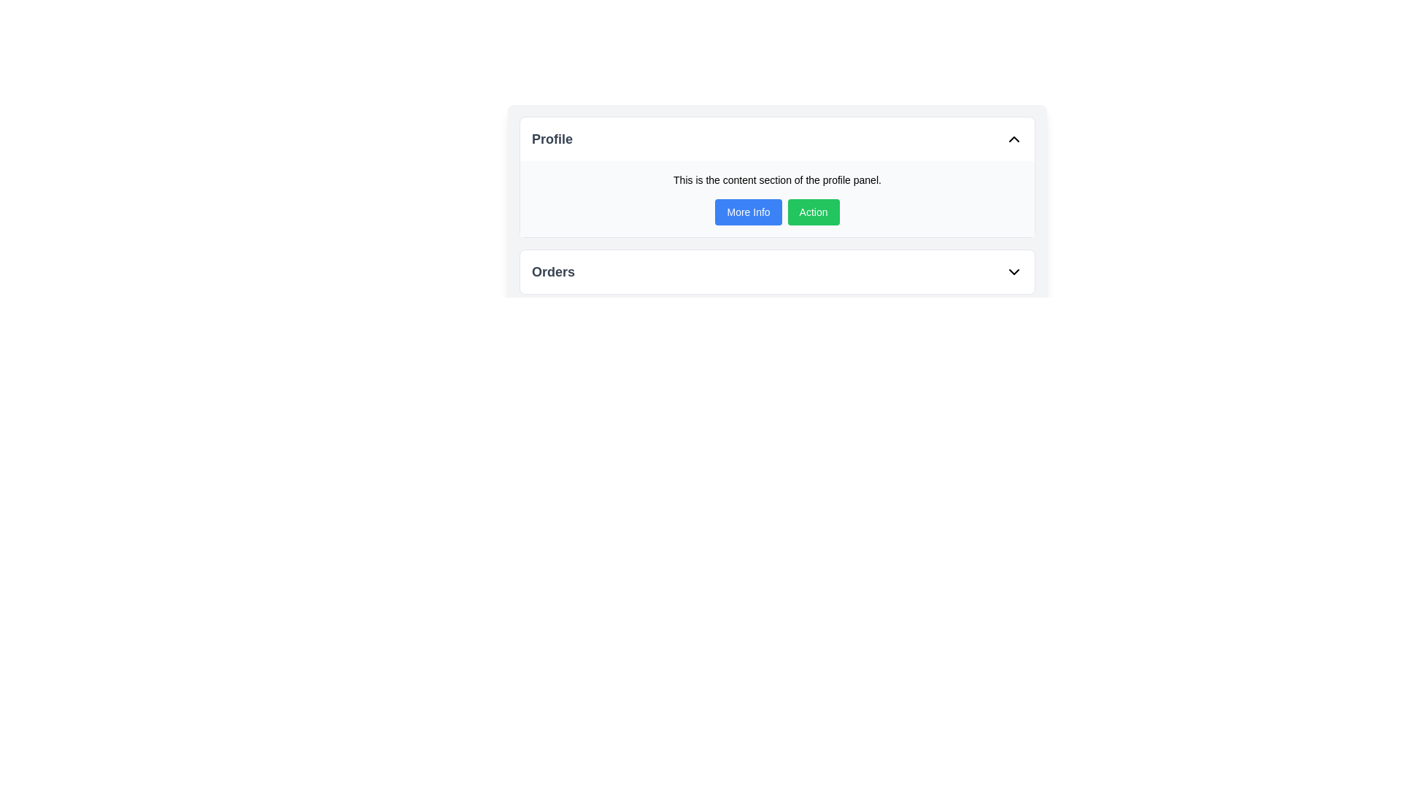  Describe the element at coordinates (1014, 272) in the screenshot. I see `the chevron-down icon located to the far right of the 'Orders' section header` at that location.